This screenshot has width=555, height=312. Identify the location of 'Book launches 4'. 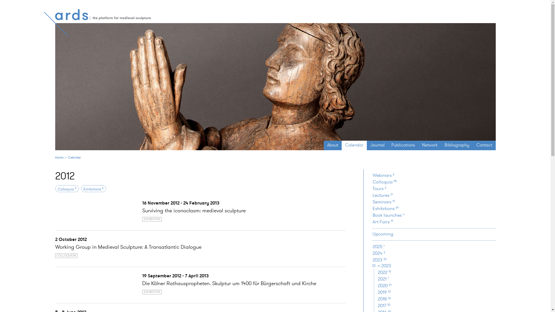
(388, 215).